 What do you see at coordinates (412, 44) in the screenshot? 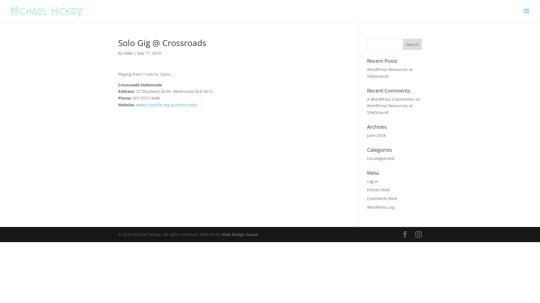
I see `'Search'` at bounding box center [412, 44].